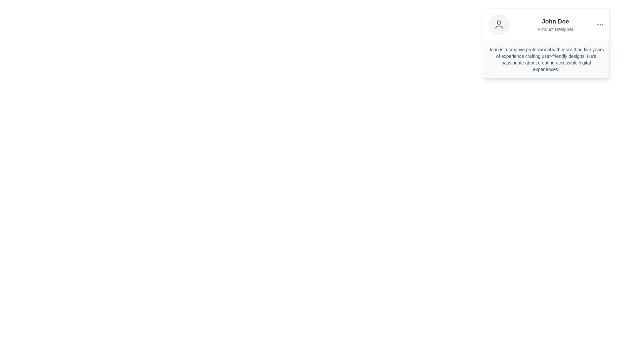 The image size is (635, 357). What do you see at coordinates (555, 29) in the screenshot?
I see `the supplementary text label indicating the title or role of the user 'John Doe', located directly under the bold 'John Doe' text in the profile card layout` at bounding box center [555, 29].